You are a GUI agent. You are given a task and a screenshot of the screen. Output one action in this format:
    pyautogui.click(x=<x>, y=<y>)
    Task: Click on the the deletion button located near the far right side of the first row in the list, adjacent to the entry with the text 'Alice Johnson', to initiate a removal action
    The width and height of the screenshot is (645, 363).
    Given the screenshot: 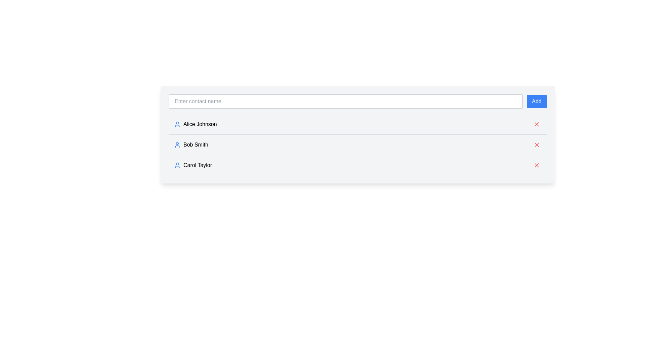 What is the action you would take?
    pyautogui.click(x=536, y=124)
    